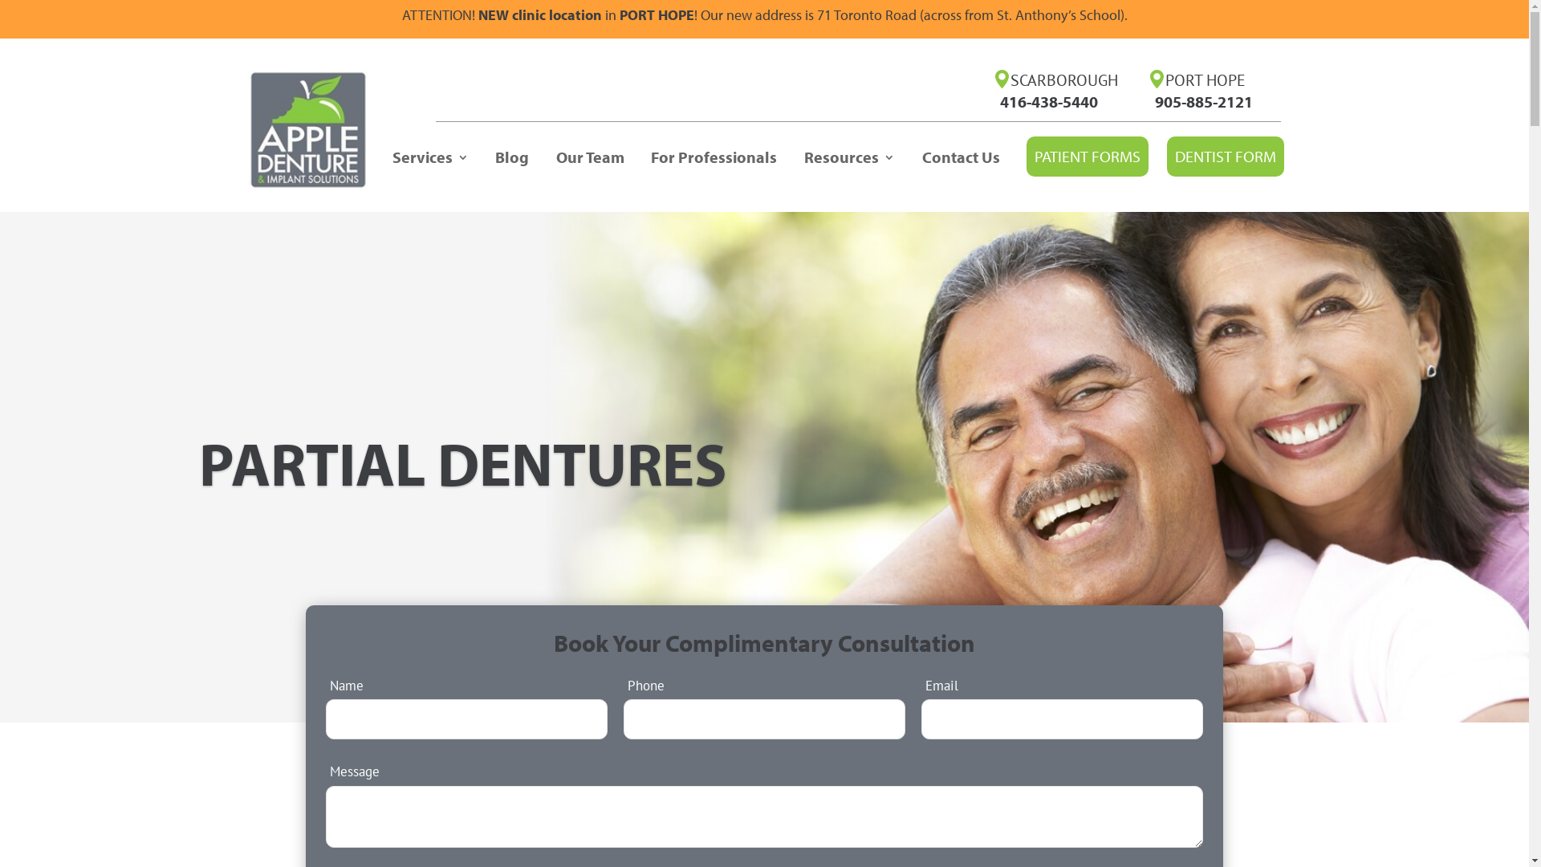 The image size is (1541, 867). Describe the element at coordinates (392, 164) in the screenshot. I see `'Services'` at that location.